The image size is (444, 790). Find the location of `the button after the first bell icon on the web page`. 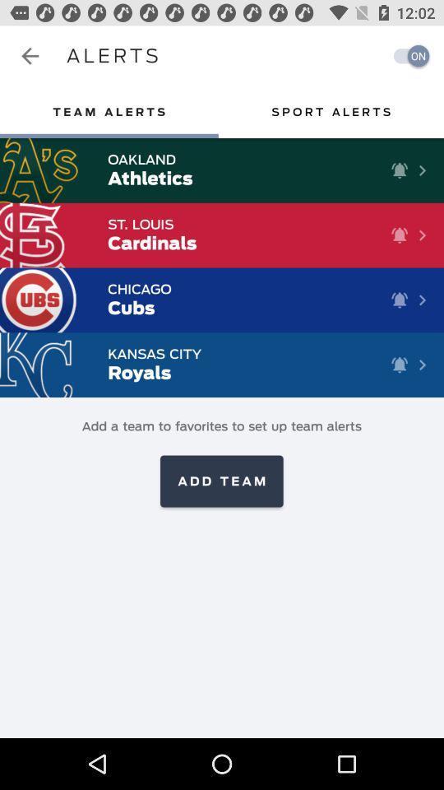

the button after the first bell icon on the web page is located at coordinates (423, 170).